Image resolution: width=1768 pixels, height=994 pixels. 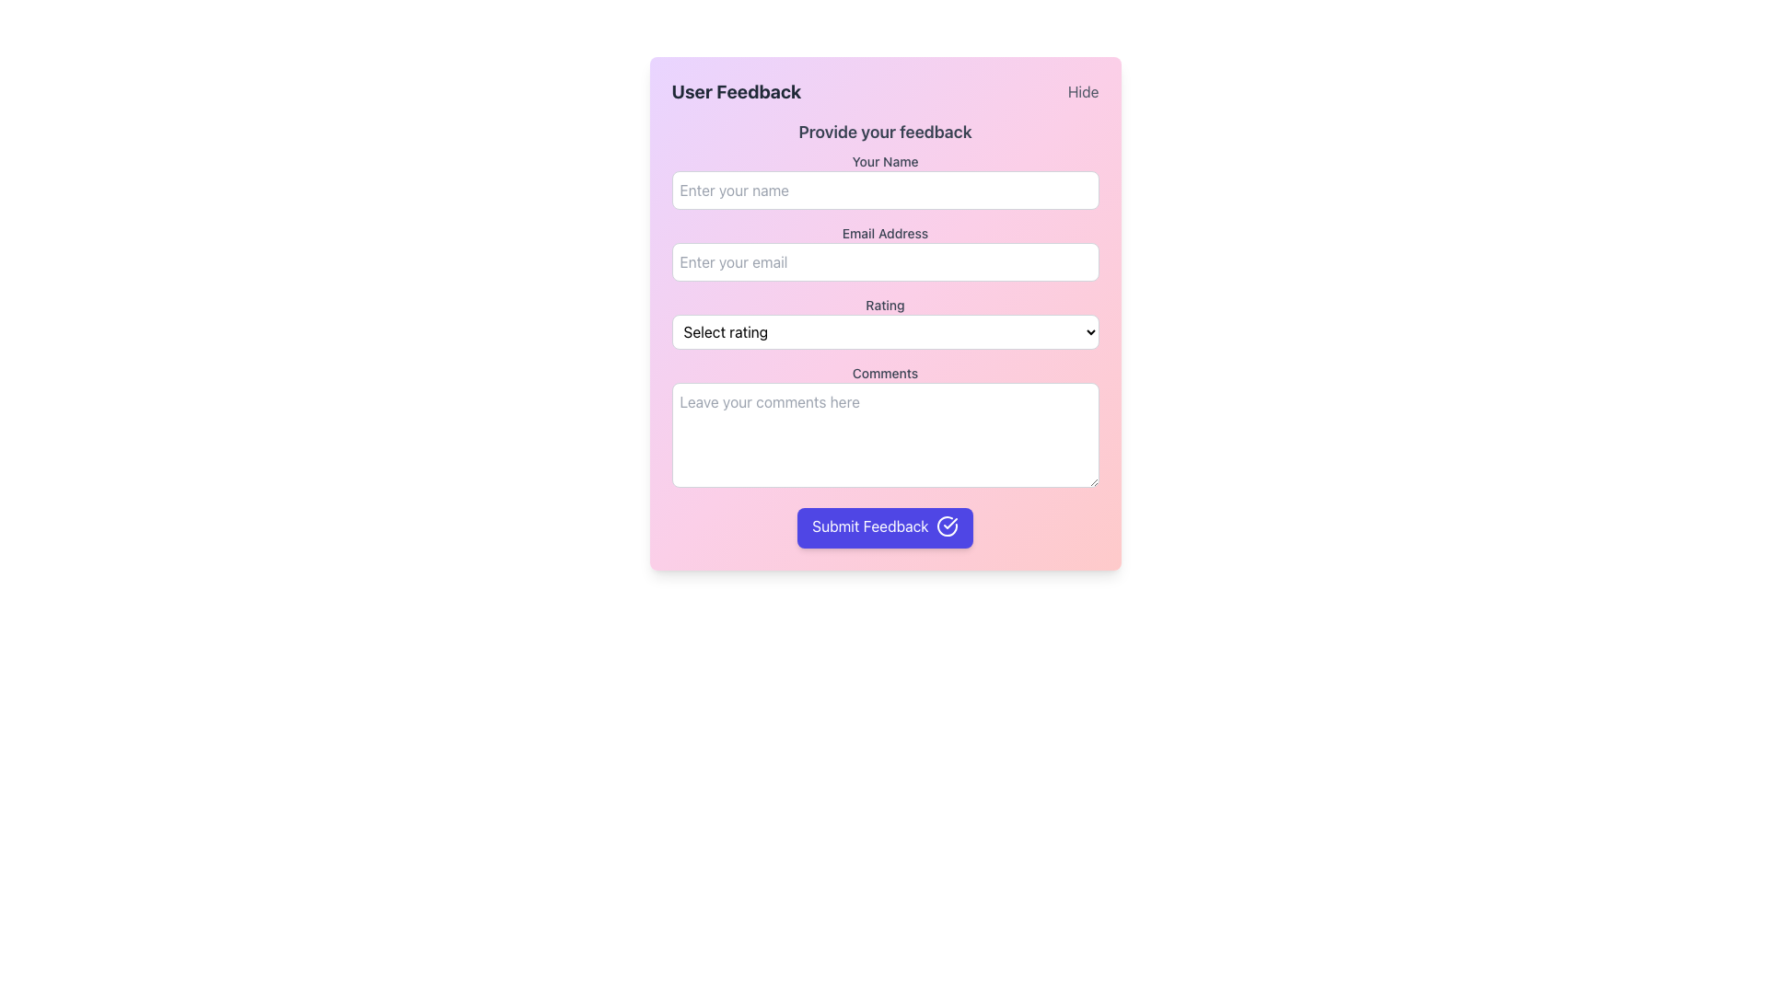 I want to click on the SVG check mark symbol, which is styled with rounded ends and enclosed within a circular outline, located to the right of the 'Submit Feedback' button at the bottom of the form, so click(x=950, y=524).